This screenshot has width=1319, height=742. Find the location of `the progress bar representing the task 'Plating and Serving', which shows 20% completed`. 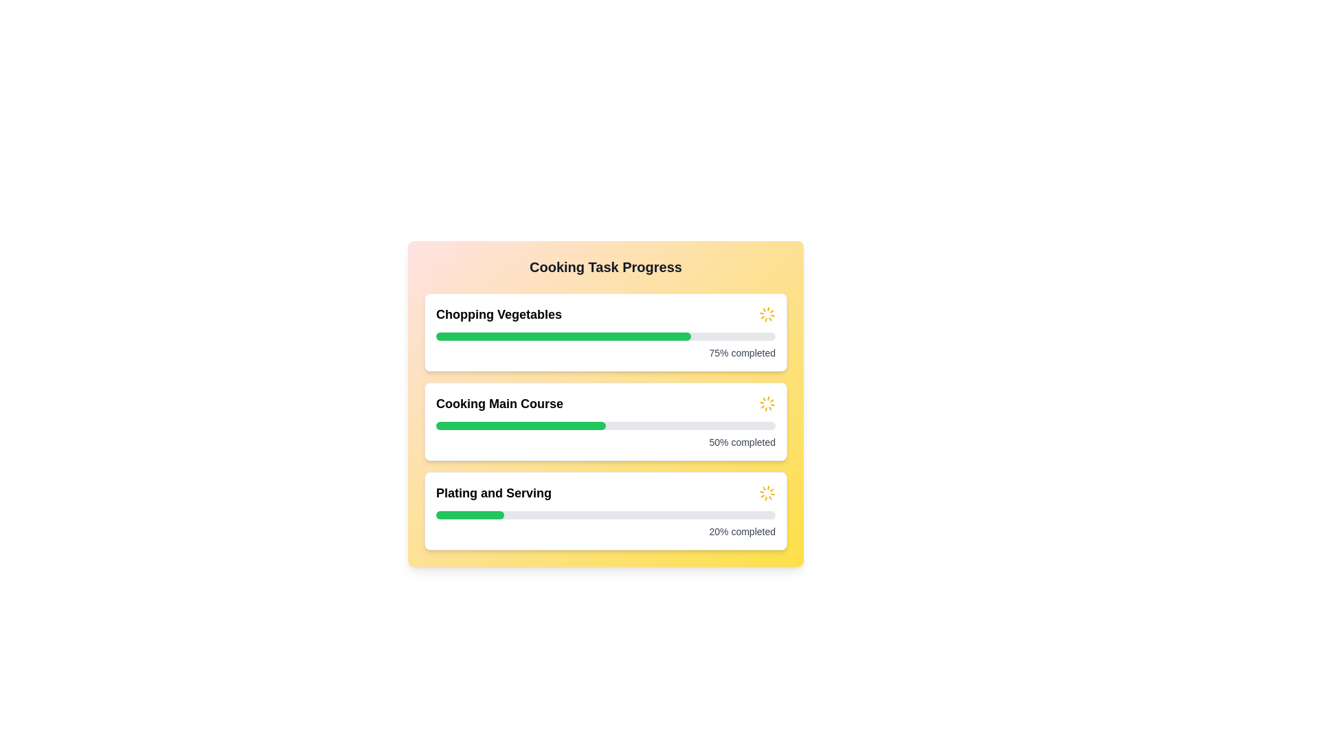

the progress bar representing the task 'Plating and Serving', which shows 20% completed is located at coordinates (605, 515).